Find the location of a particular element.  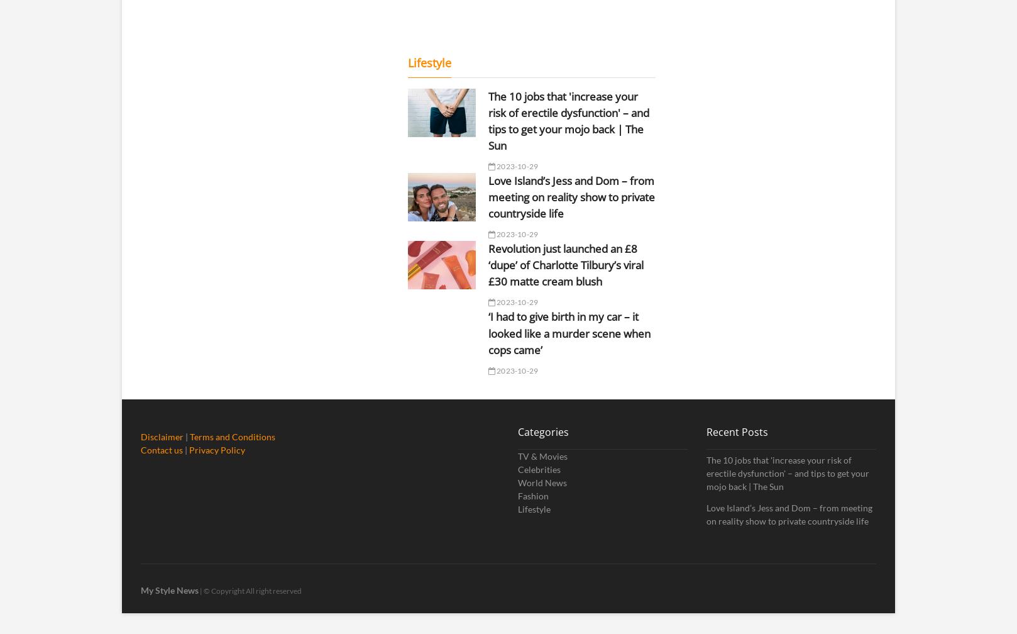

'Disclaimer' is located at coordinates (140, 436).